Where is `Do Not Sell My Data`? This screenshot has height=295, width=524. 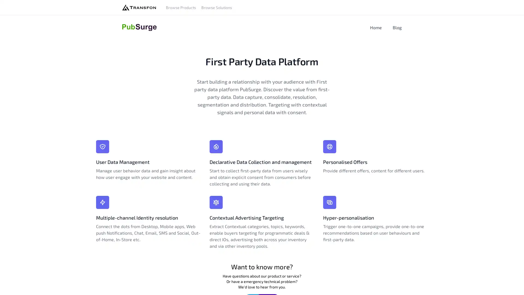
Do Not Sell My Data is located at coordinates (37, 285).